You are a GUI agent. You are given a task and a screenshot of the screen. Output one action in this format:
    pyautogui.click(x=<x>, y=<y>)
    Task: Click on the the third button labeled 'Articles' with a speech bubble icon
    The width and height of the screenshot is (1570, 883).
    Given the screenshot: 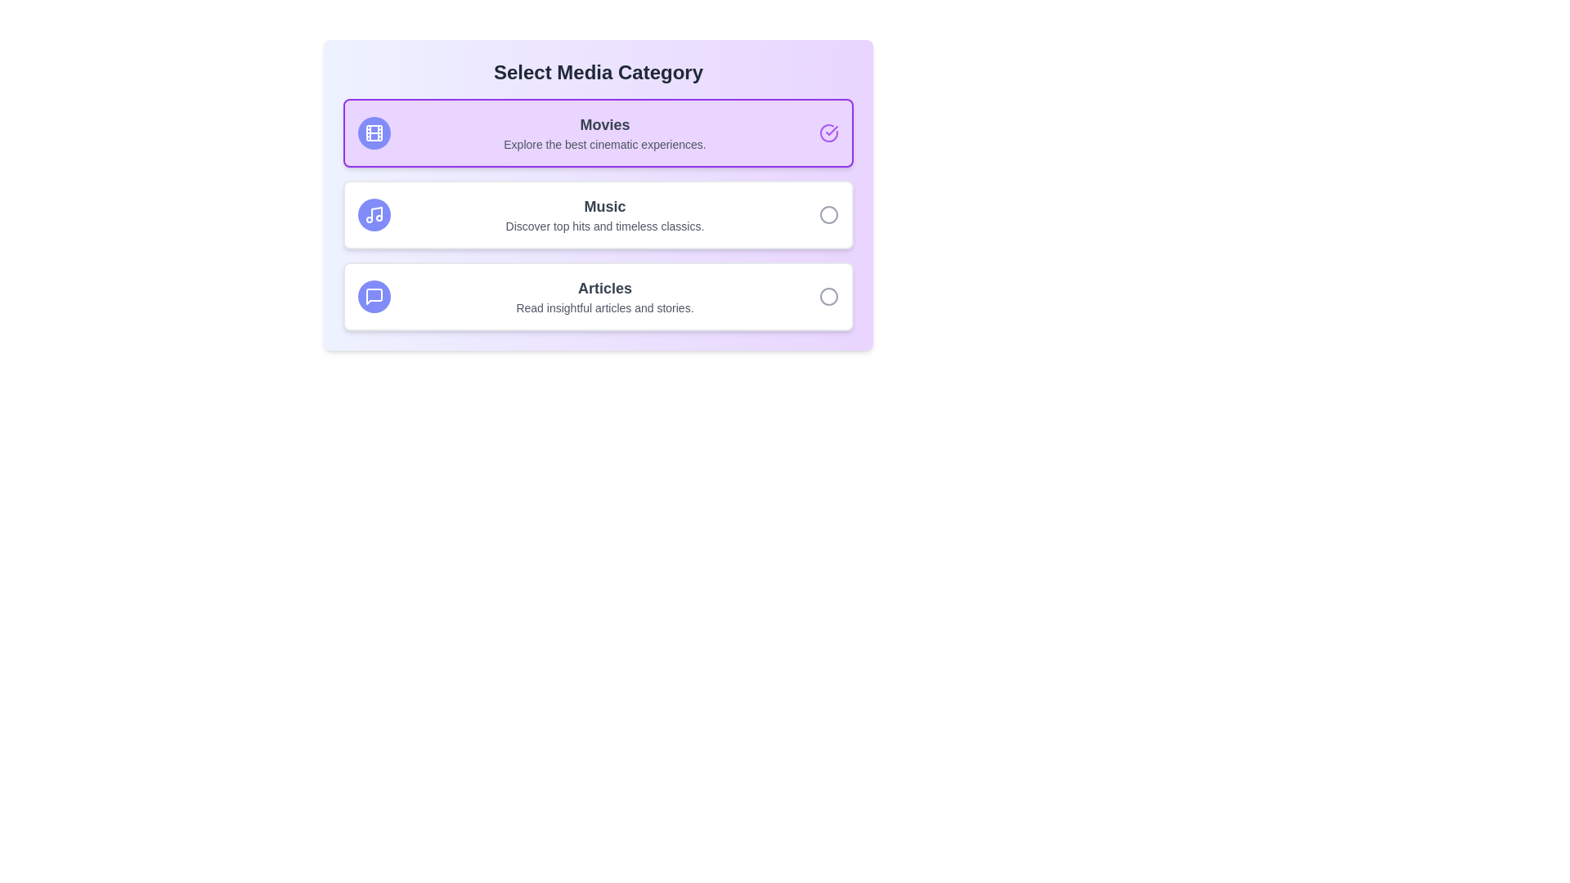 What is the action you would take?
    pyautogui.click(x=597, y=296)
    